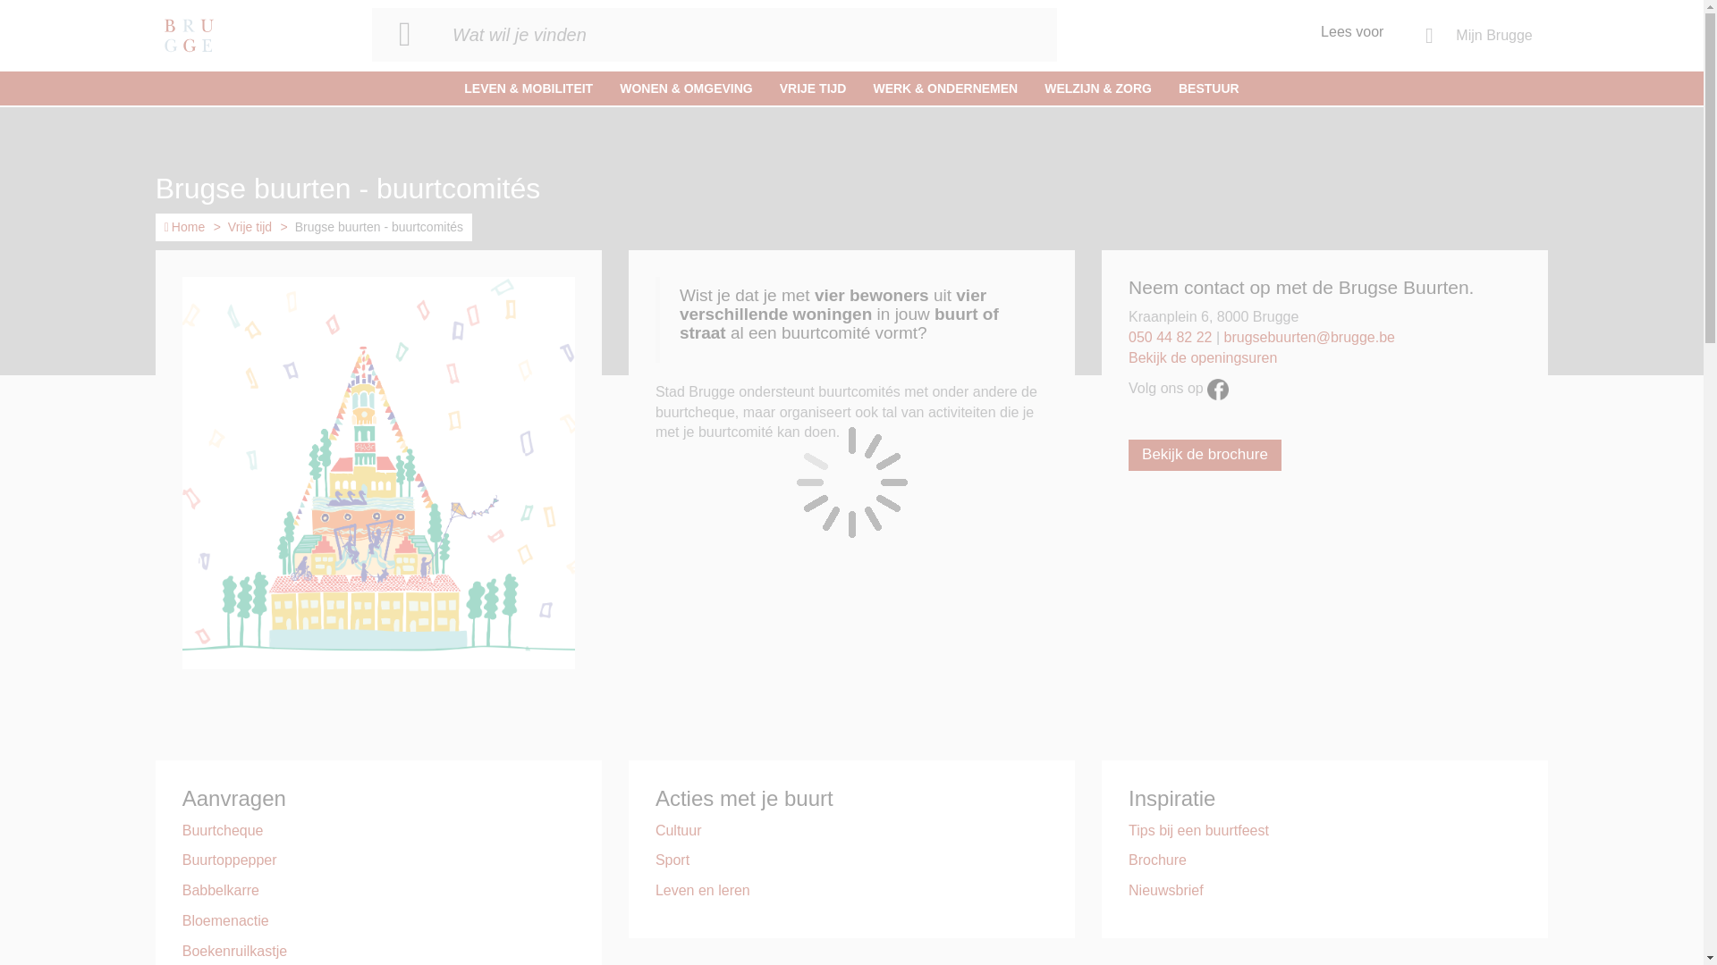 The image size is (1717, 965). I want to click on 'Buurtoppepper', so click(182, 859).